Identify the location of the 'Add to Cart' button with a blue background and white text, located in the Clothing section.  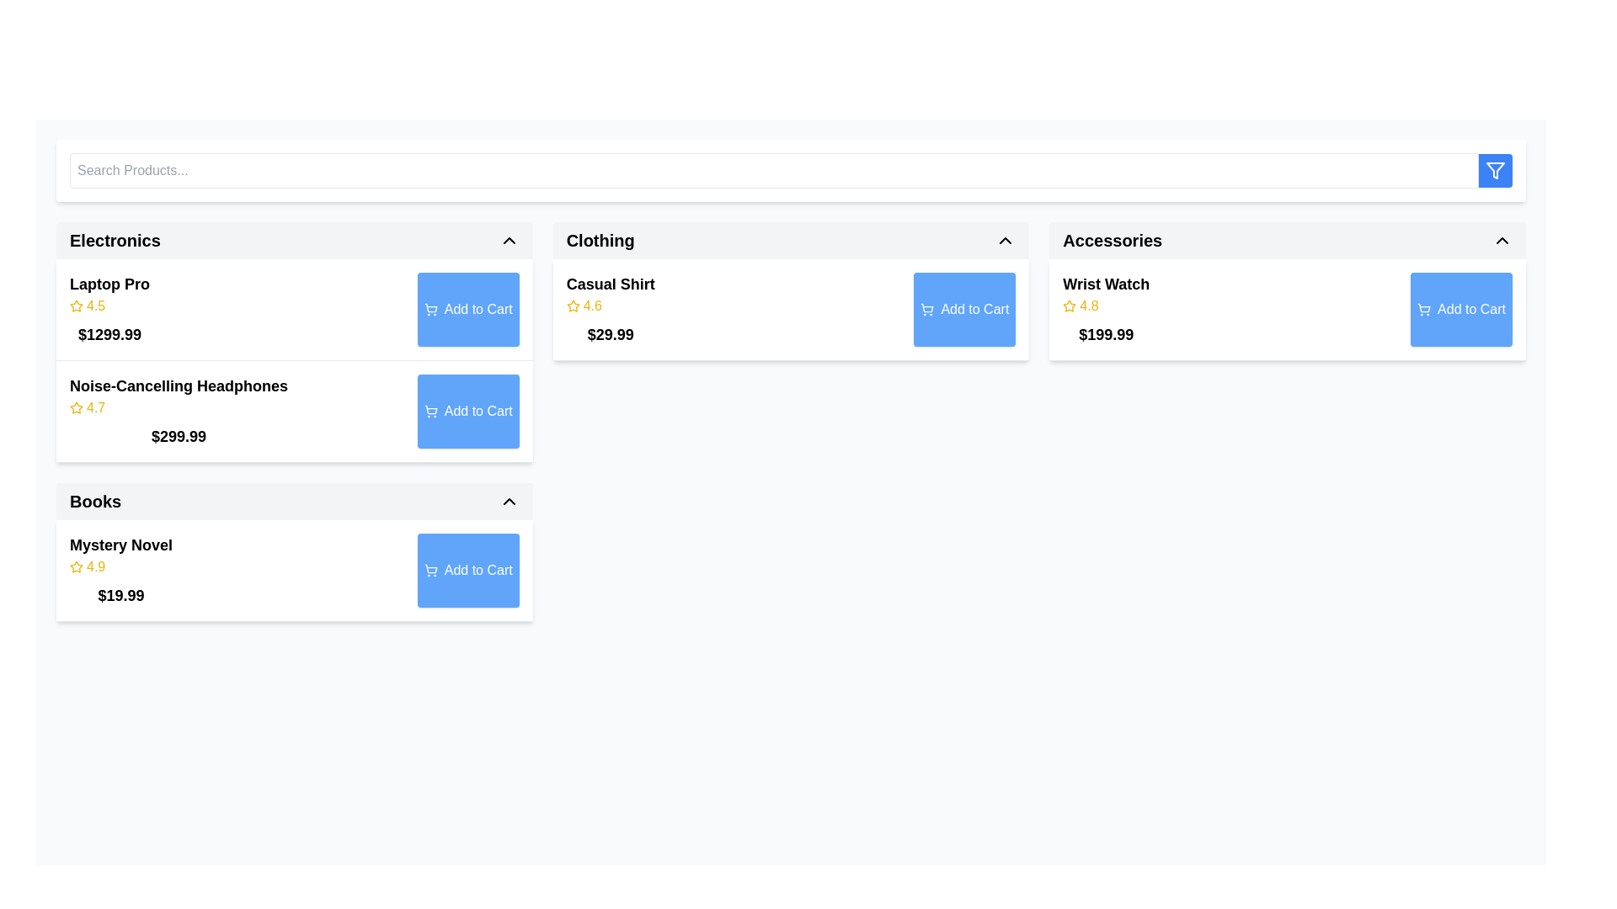
(964, 309).